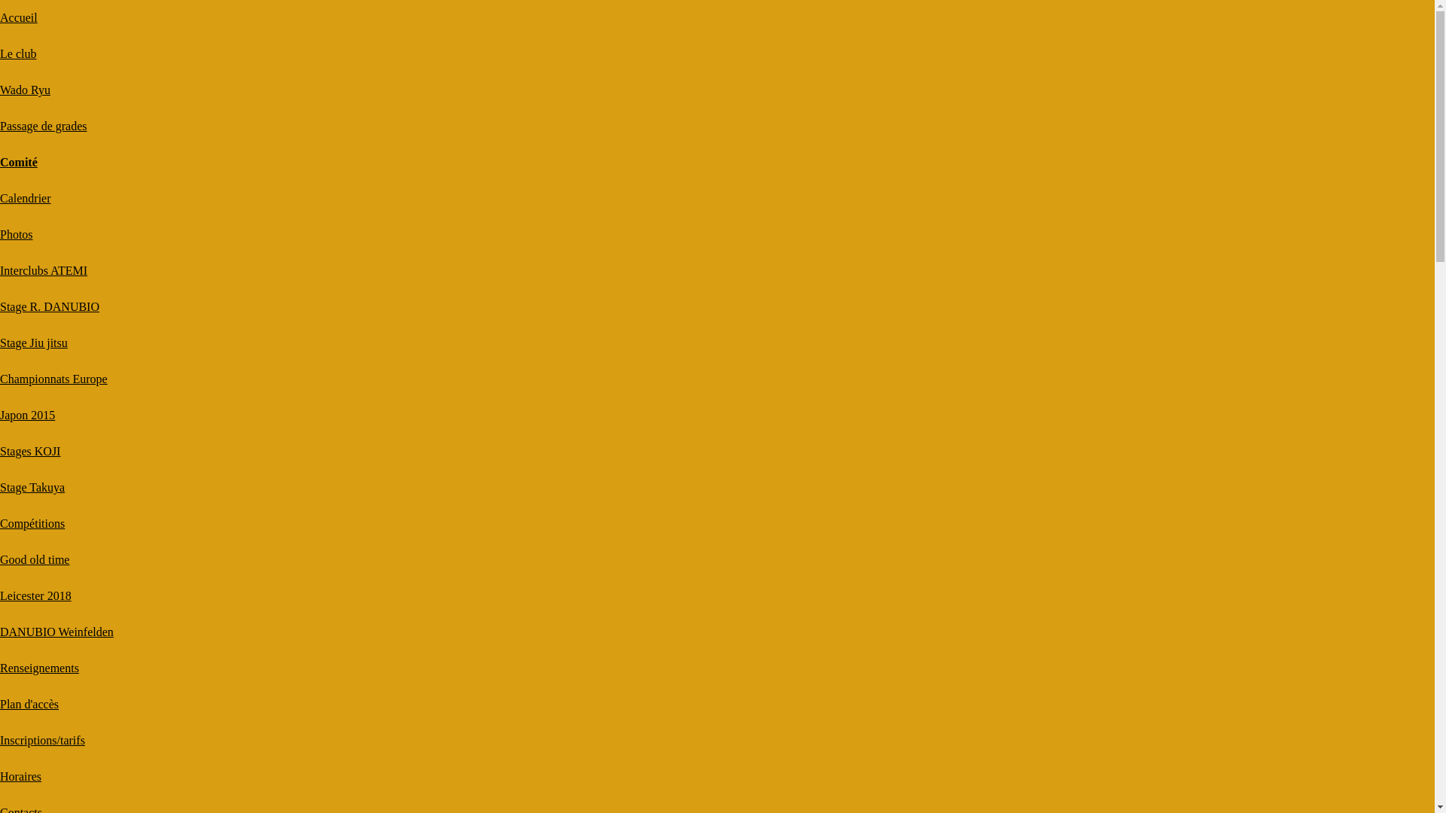 This screenshot has width=1446, height=813. Describe the element at coordinates (56, 632) in the screenshot. I see `'DANUBIO Weinfelden'` at that location.